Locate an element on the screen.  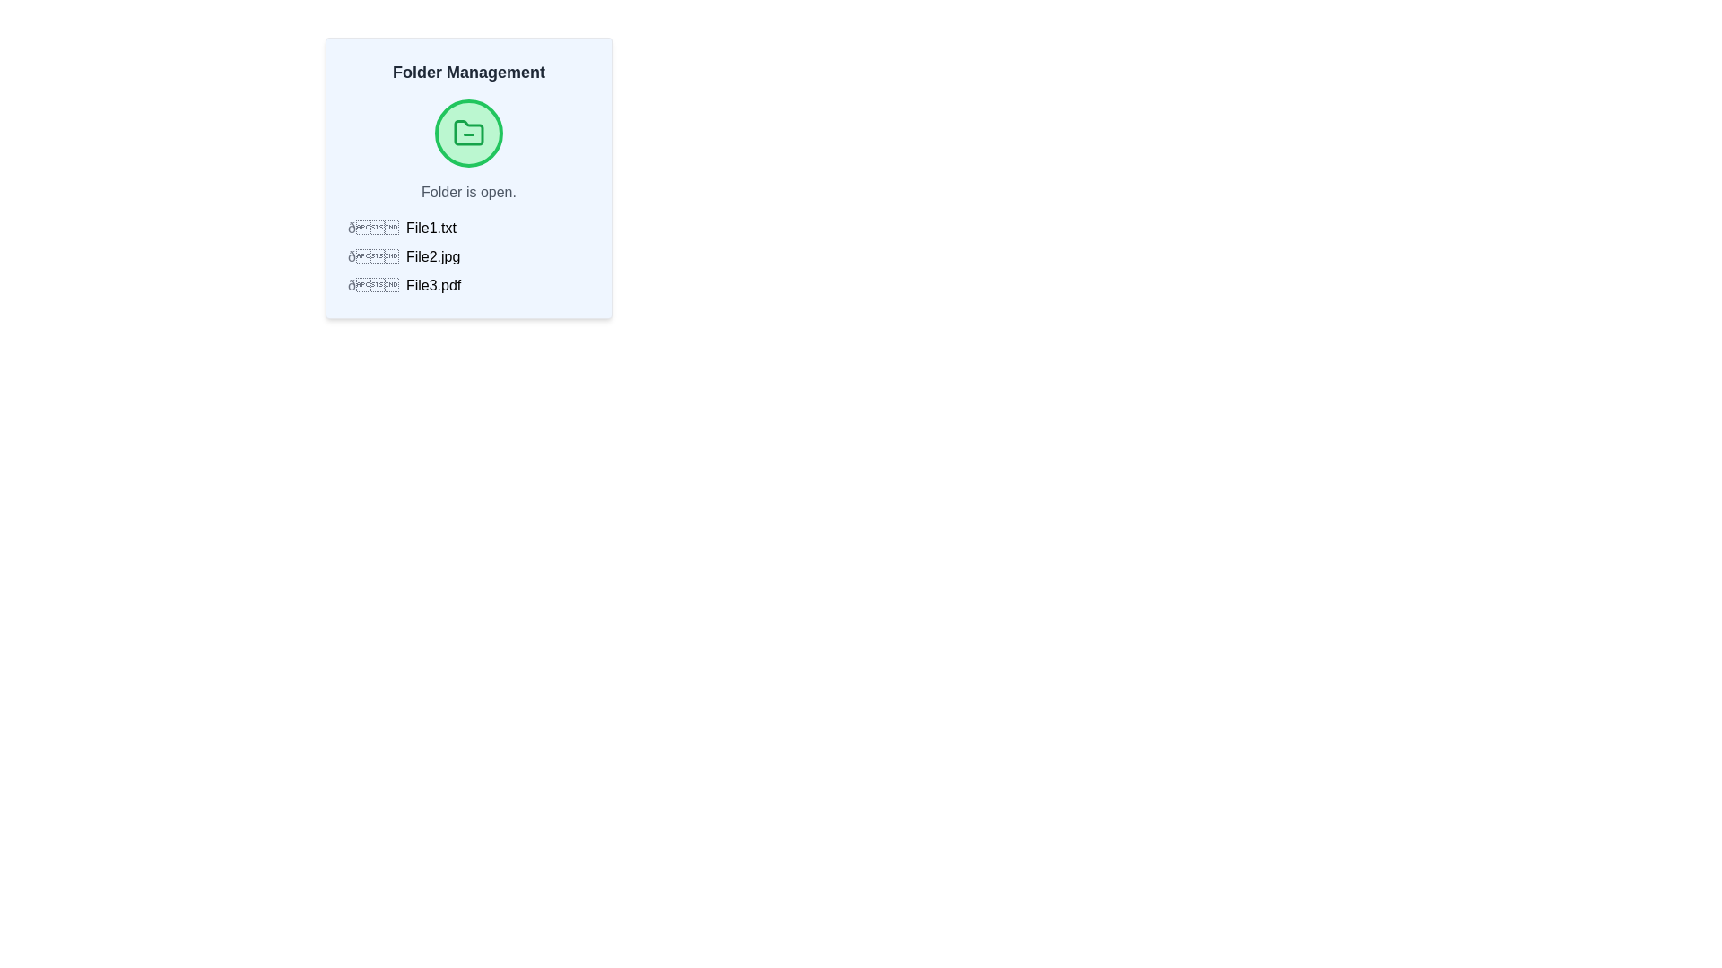
the static text element that indicates the current state of the folder, positioned below a green folder icon within a bordered card layout is located at coordinates (469, 193).